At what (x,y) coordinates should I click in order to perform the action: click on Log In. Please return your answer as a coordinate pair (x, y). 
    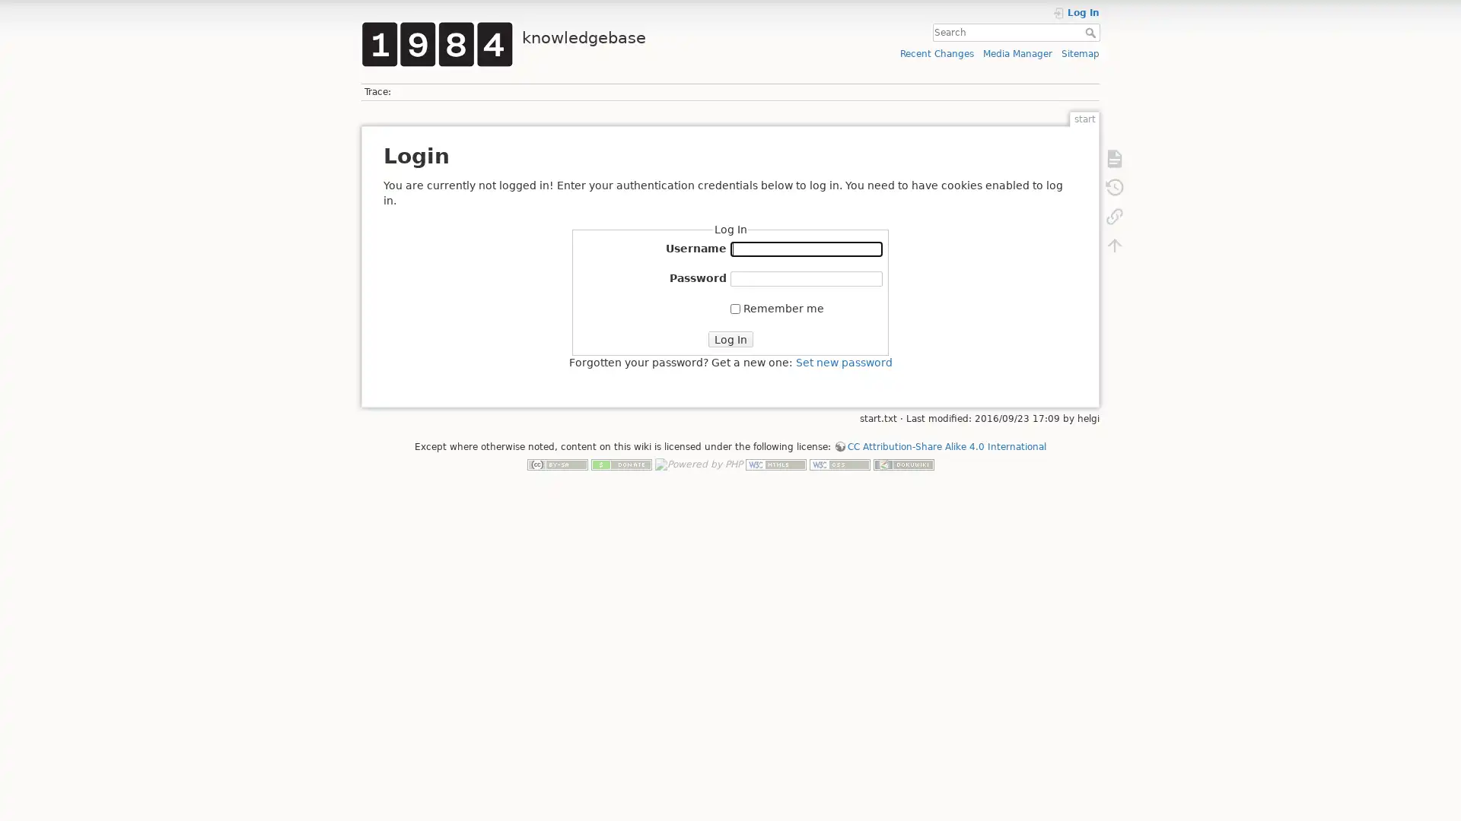
    Looking at the image, I should click on (729, 338).